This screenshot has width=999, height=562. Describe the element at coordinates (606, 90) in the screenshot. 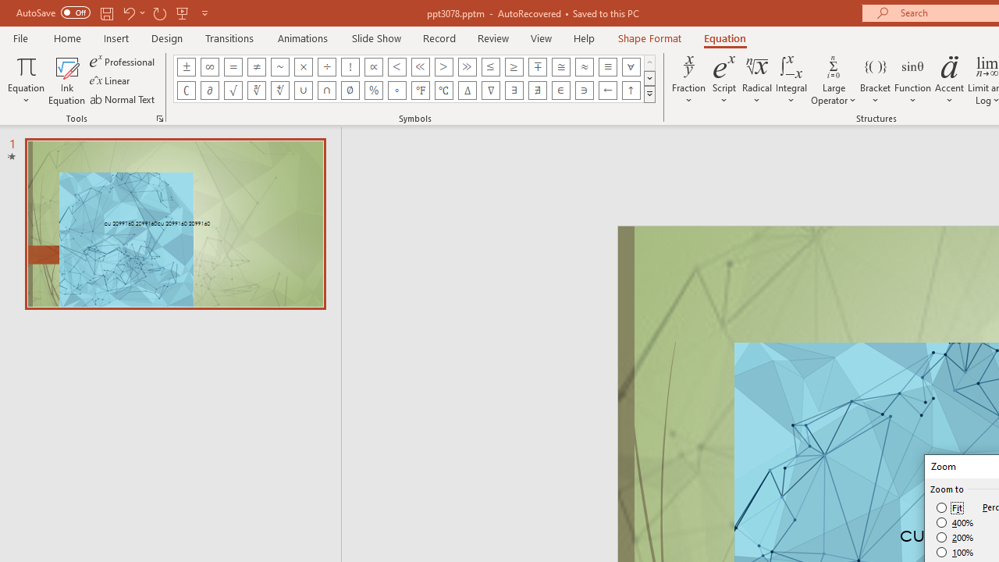

I see `'Equation Symbol Left Arrow'` at that location.